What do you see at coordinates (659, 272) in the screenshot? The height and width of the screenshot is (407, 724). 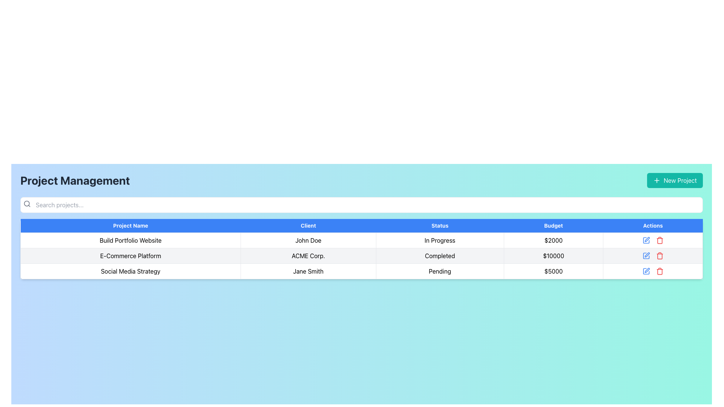 I see `the delete icon in the 'Actions' column for the 'Social Media Strategy' project` at bounding box center [659, 272].